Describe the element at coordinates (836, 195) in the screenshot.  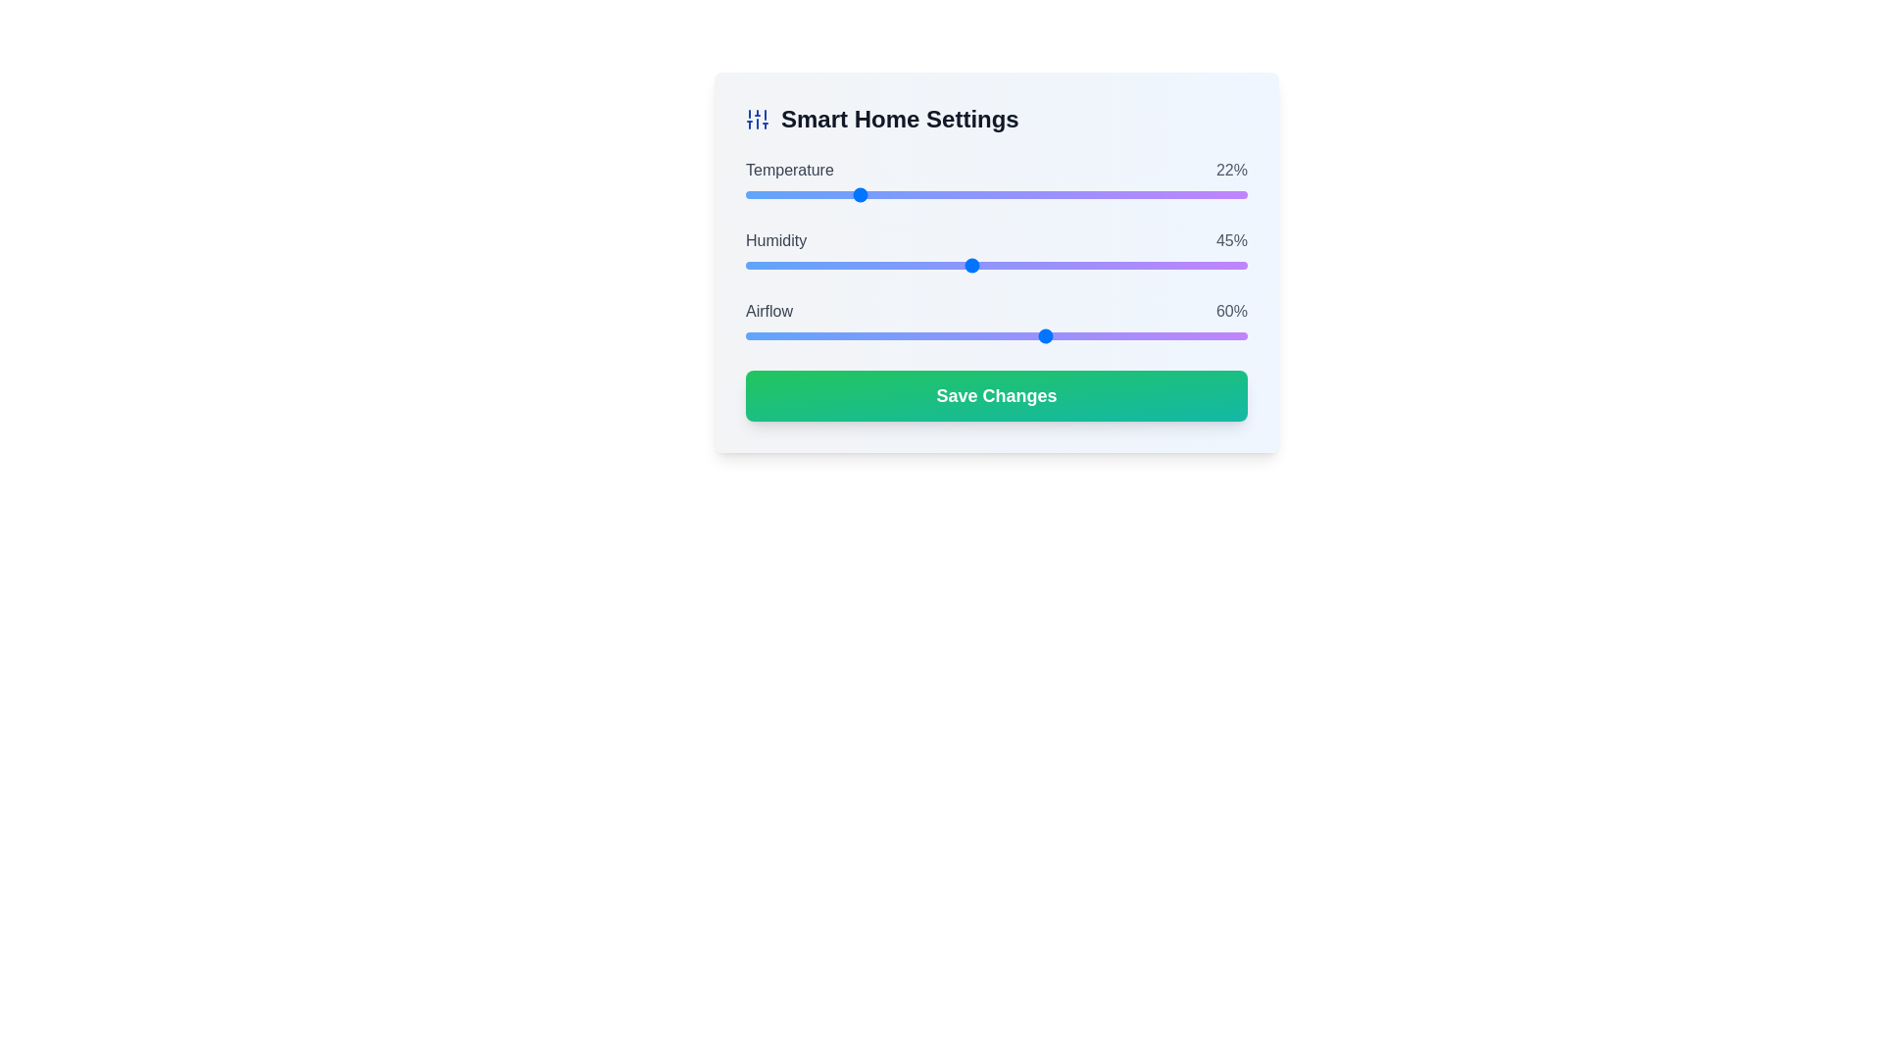
I see `temperature slider` at that location.